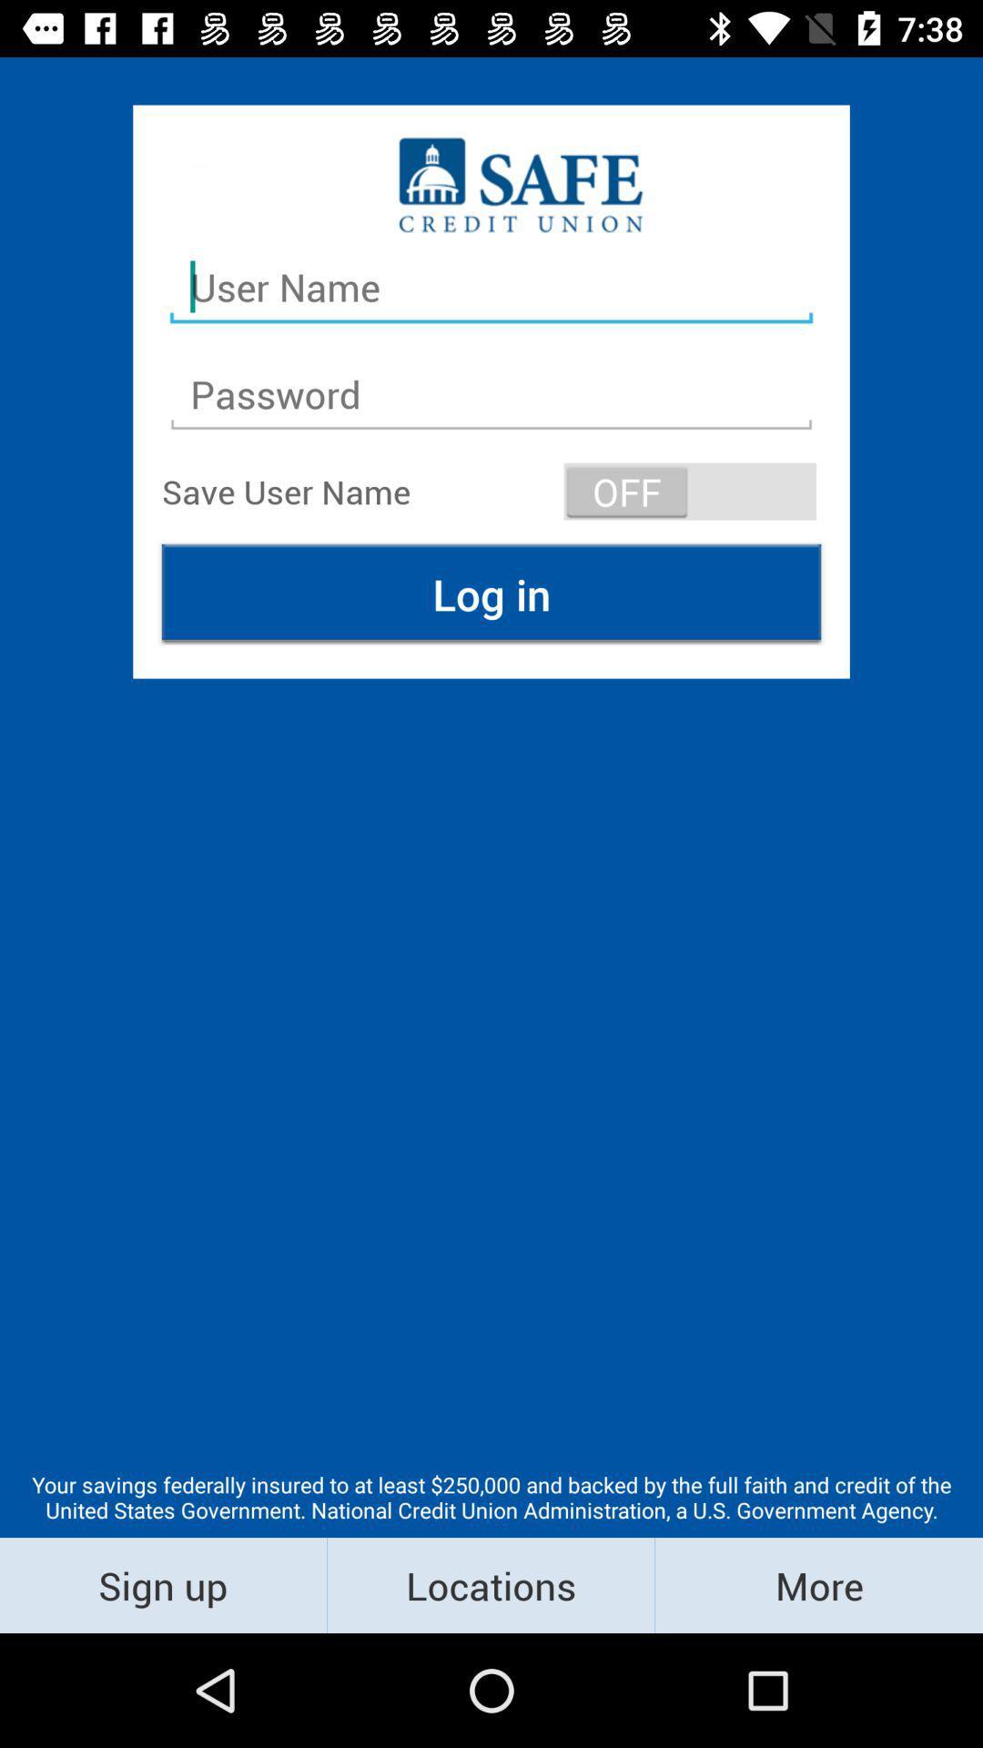 The width and height of the screenshot is (983, 1748). I want to click on icon above the your savings federally, so click(491, 594).